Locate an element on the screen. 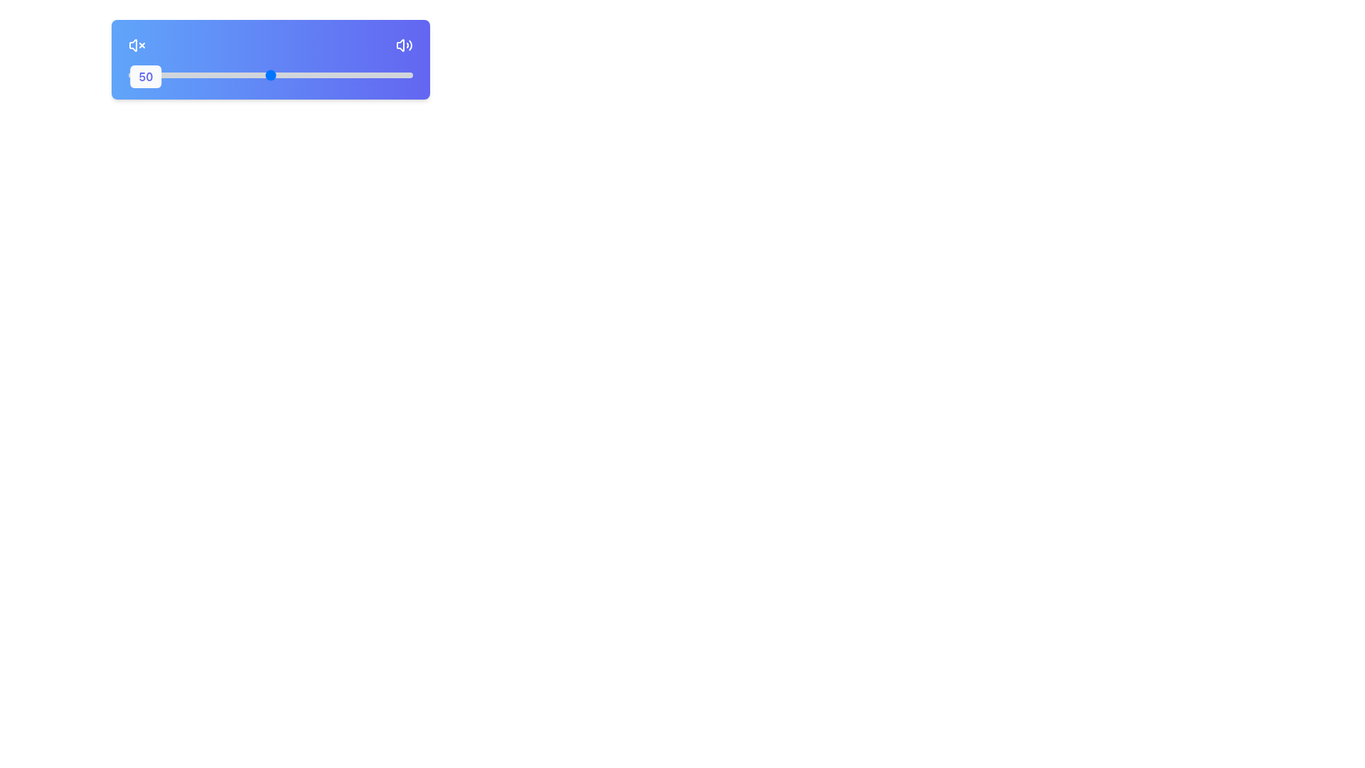  the slider is located at coordinates (151, 75).